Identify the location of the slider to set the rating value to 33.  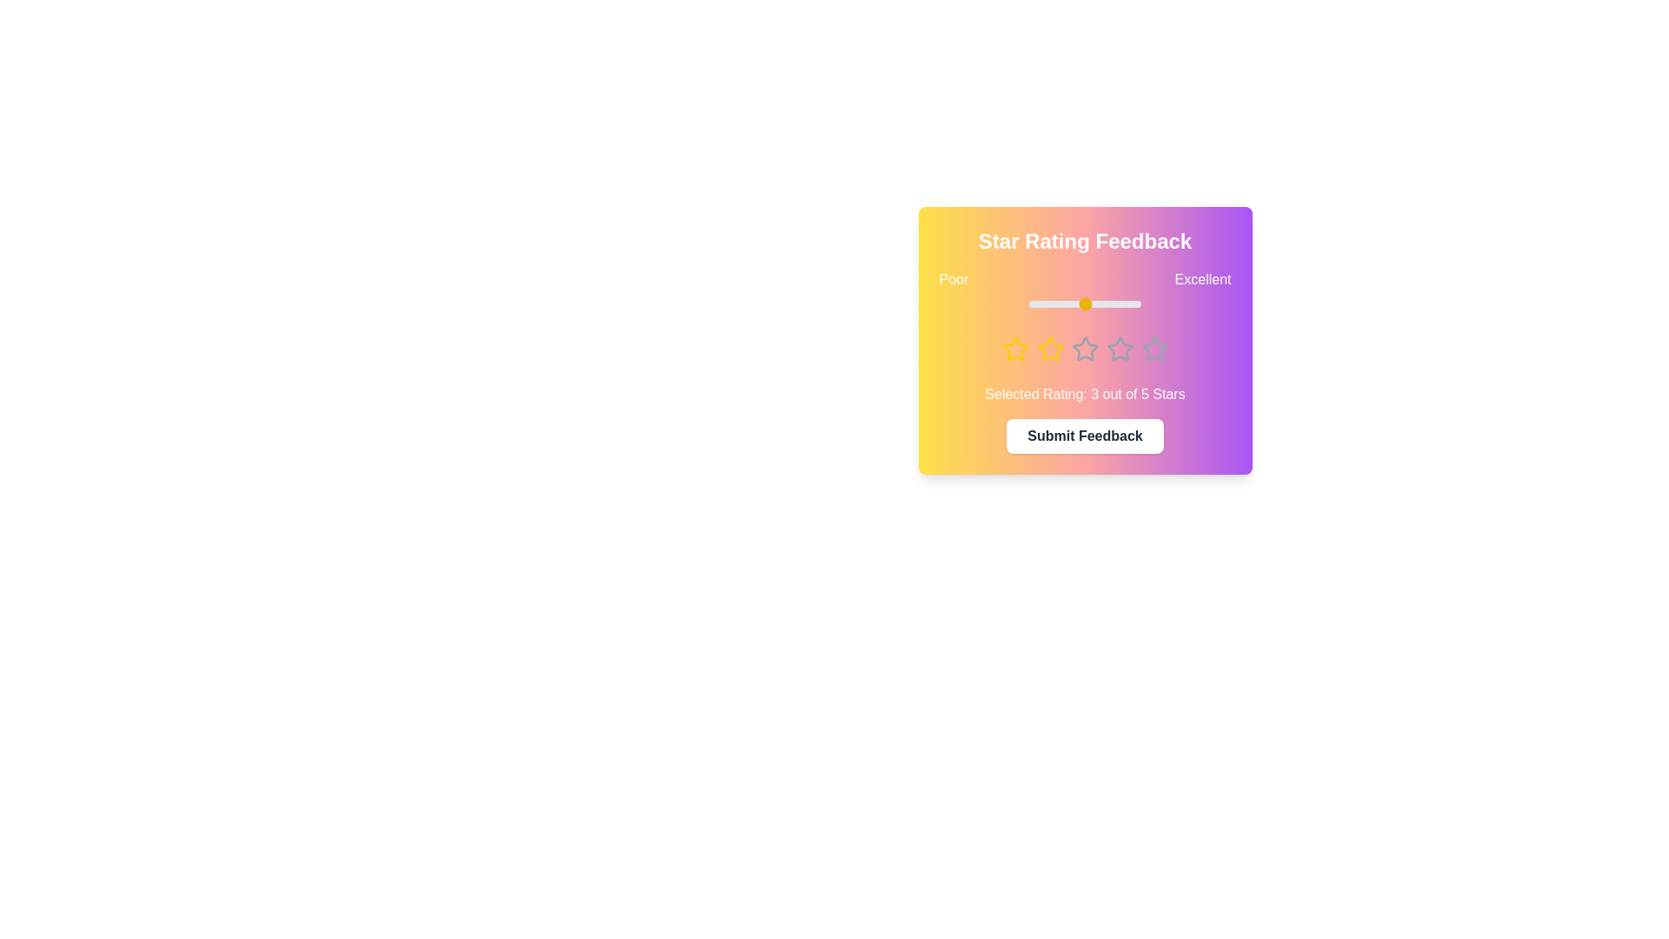
(1065, 303).